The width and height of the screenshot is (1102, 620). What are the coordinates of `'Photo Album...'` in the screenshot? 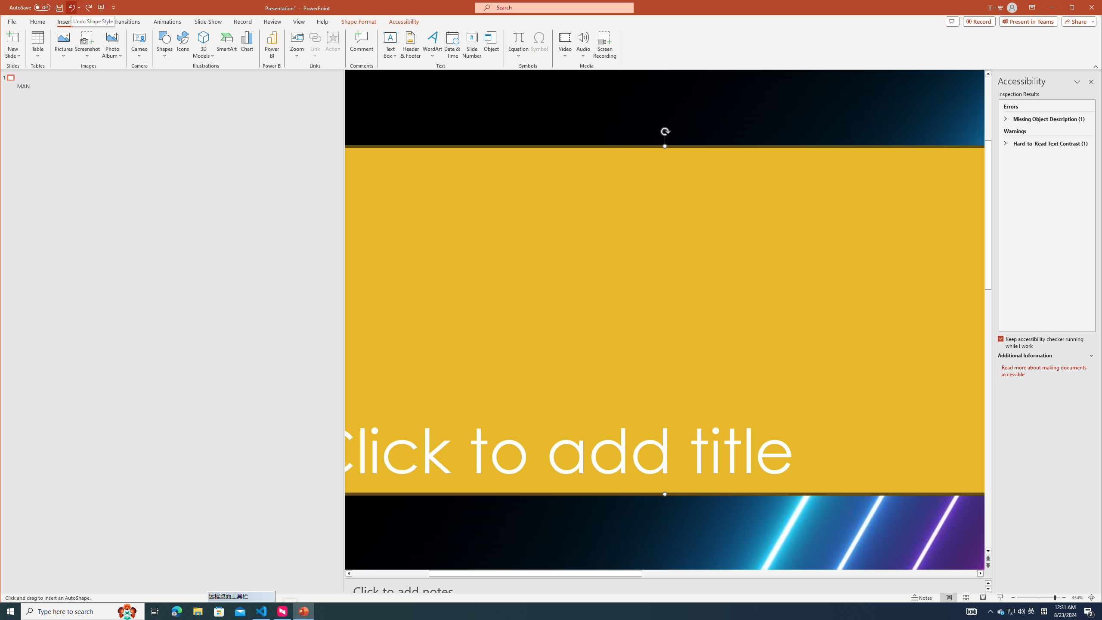 It's located at (112, 44).